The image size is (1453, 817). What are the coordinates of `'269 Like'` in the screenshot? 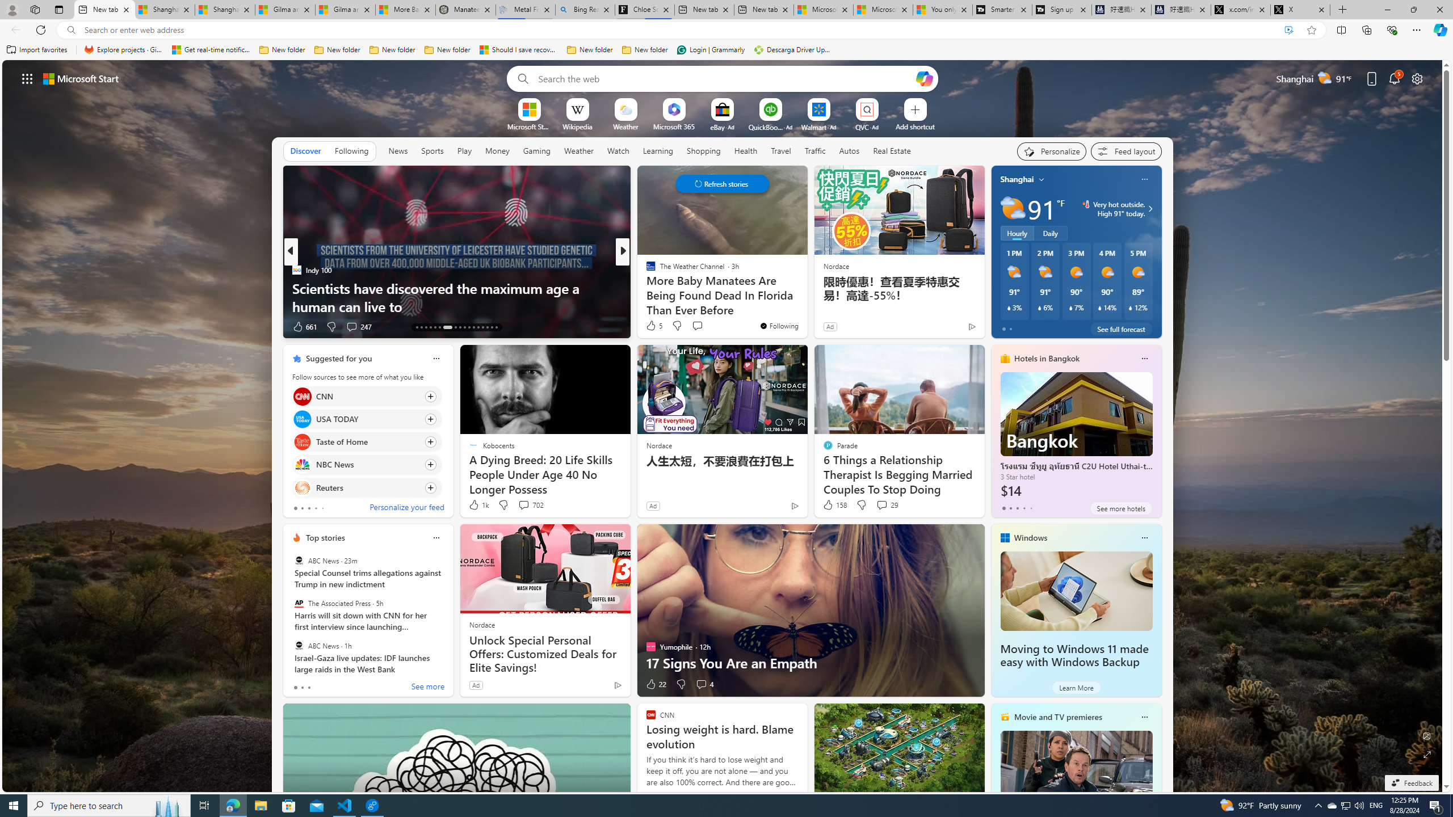 It's located at (653, 326).